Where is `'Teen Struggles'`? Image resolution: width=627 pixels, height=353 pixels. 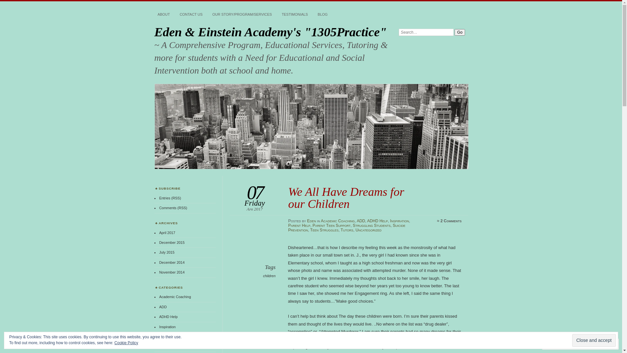
'Teen Struggles' is located at coordinates (324, 230).